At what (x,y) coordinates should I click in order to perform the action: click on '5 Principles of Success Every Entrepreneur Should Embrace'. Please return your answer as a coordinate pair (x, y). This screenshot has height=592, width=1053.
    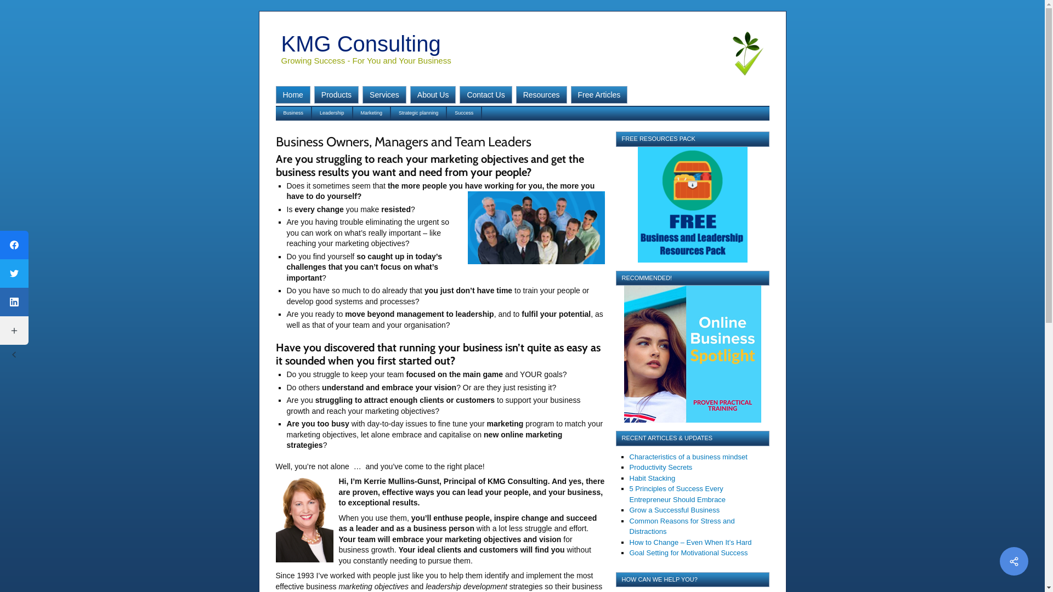
    Looking at the image, I should click on (677, 494).